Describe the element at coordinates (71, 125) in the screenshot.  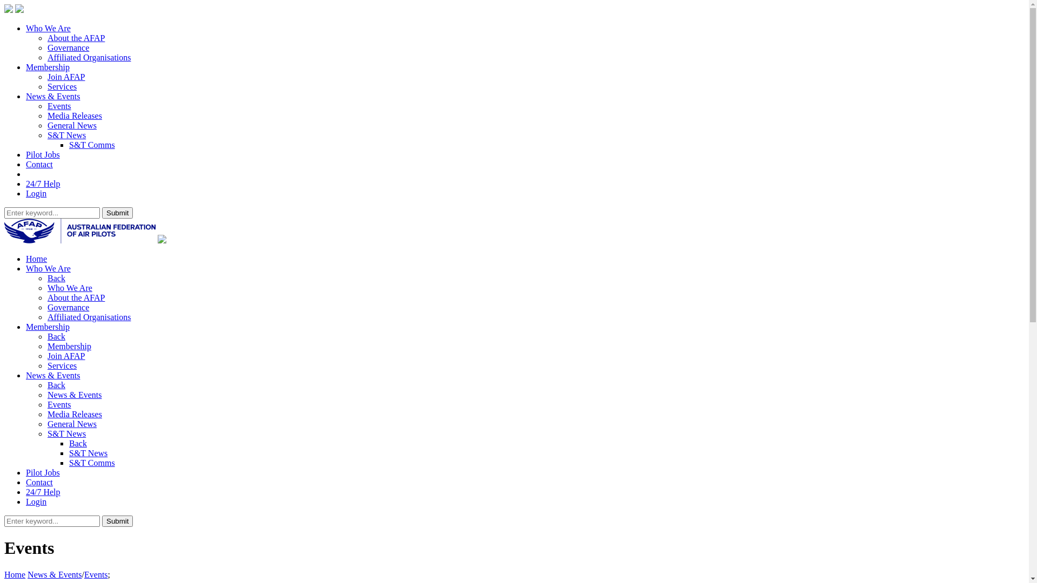
I see `'General News'` at that location.